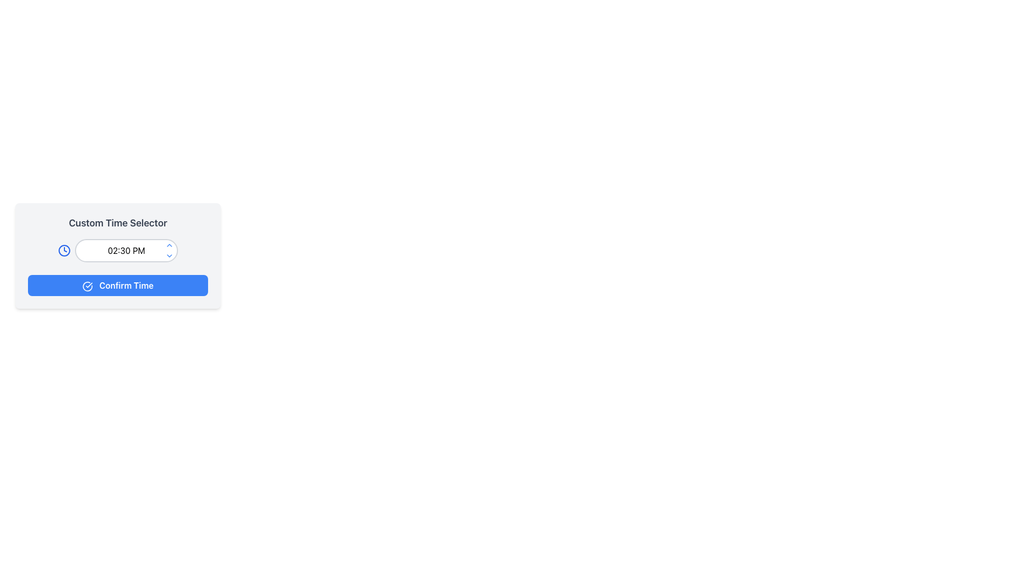  What do you see at coordinates (118, 250) in the screenshot?
I see `the text field of the Dropdown menu with embedded text field in the Custom Time Selector` at bounding box center [118, 250].